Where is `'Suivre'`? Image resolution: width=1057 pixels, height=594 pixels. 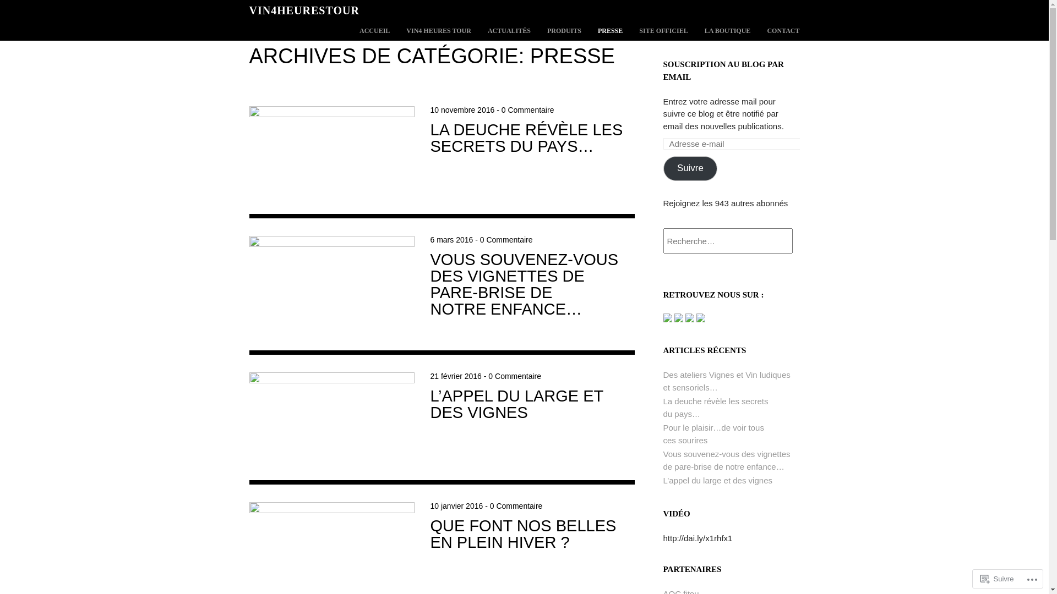 'Suivre' is located at coordinates (997, 578).